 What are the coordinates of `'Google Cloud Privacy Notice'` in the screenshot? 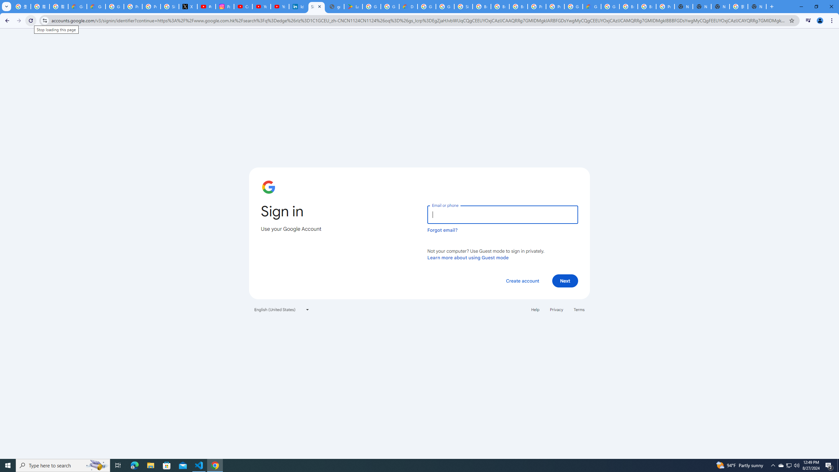 It's located at (77, 6).